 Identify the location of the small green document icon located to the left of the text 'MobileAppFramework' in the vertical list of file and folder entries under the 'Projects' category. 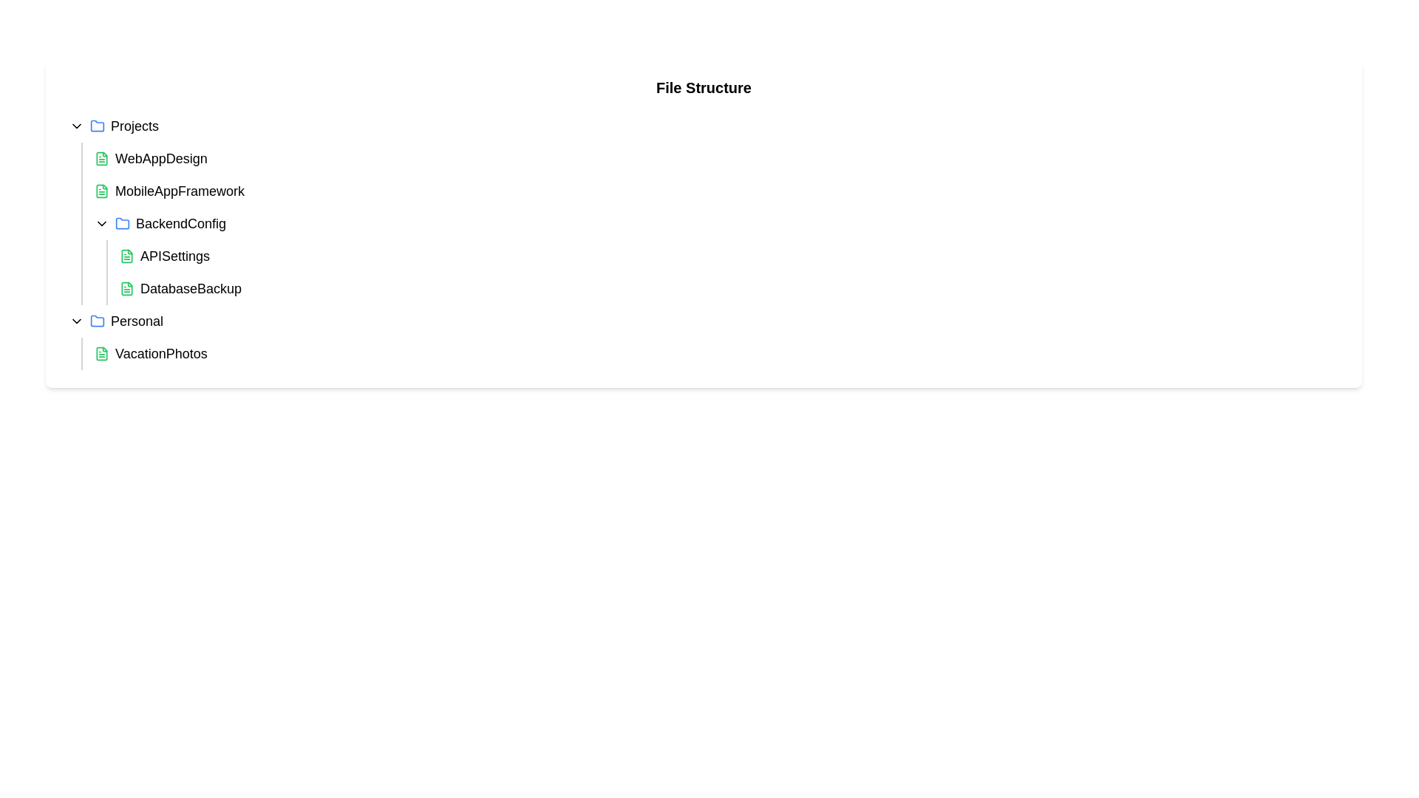
(101, 190).